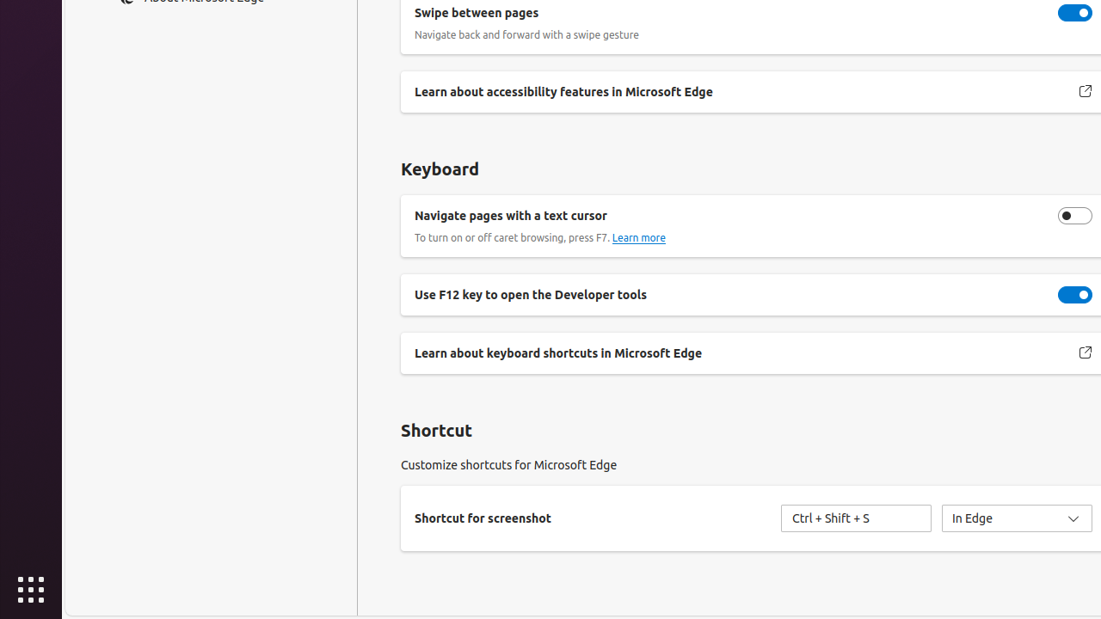 The width and height of the screenshot is (1101, 619). Describe the element at coordinates (637, 237) in the screenshot. I see `'Learn more about caret browsing.'` at that location.